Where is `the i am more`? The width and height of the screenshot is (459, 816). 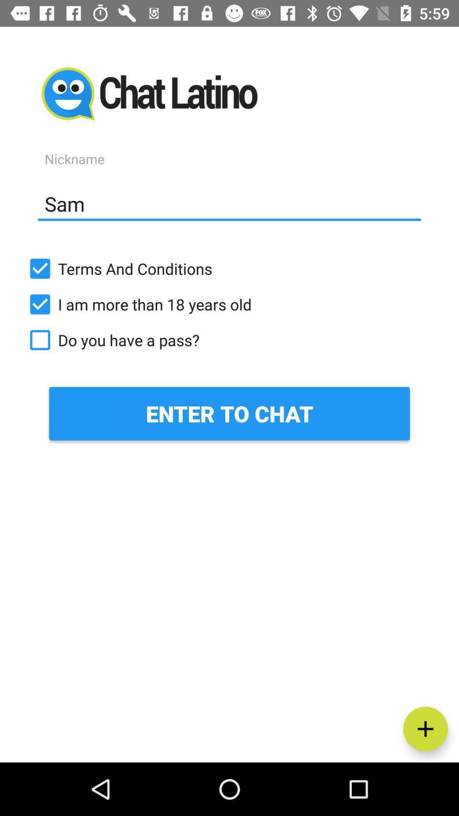
the i am more is located at coordinates (229, 304).